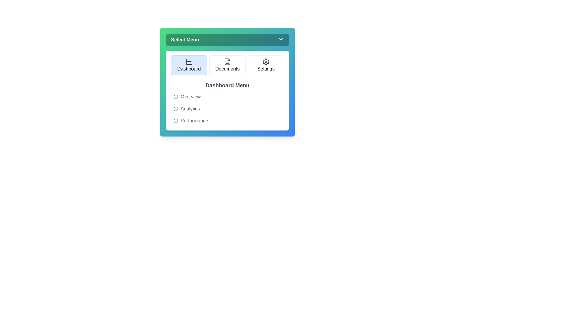 Image resolution: width=577 pixels, height=324 pixels. Describe the element at coordinates (176, 121) in the screenshot. I see `the small circular button-like icon with an information symbol inside, located in the 'Performance' section, for additional information` at that location.